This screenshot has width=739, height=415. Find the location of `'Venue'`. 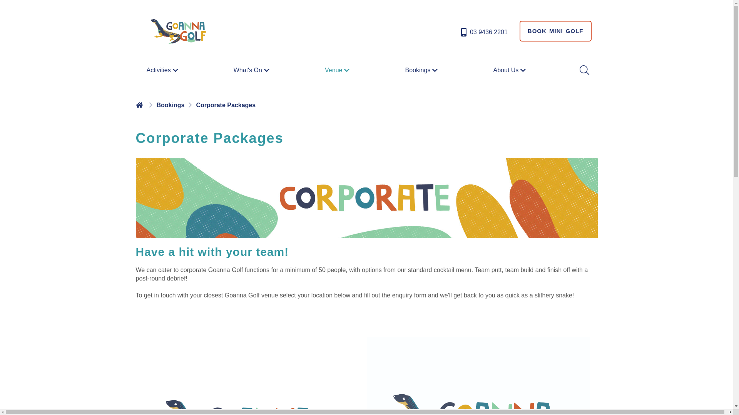

'Venue' is located at coordinates (338, 70).